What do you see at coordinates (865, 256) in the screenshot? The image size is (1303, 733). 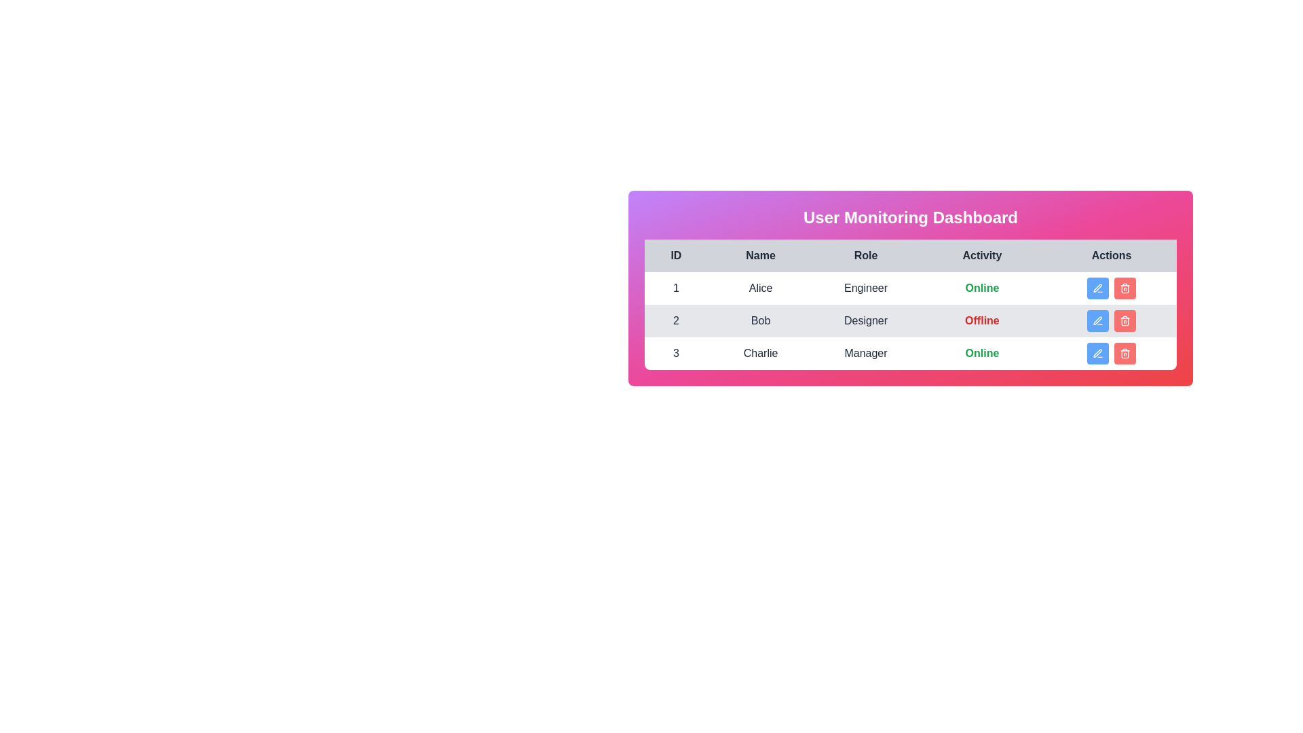 I see `the column header labeled 'Role' to sort the table by that column` at bounding box center [865, 256].